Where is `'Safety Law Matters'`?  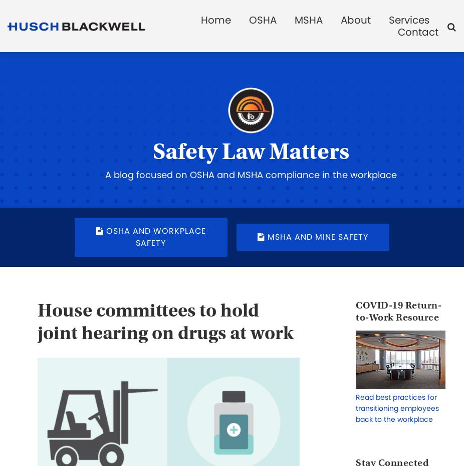 'Safety Law Matters' is located at coordinates (250, 151).